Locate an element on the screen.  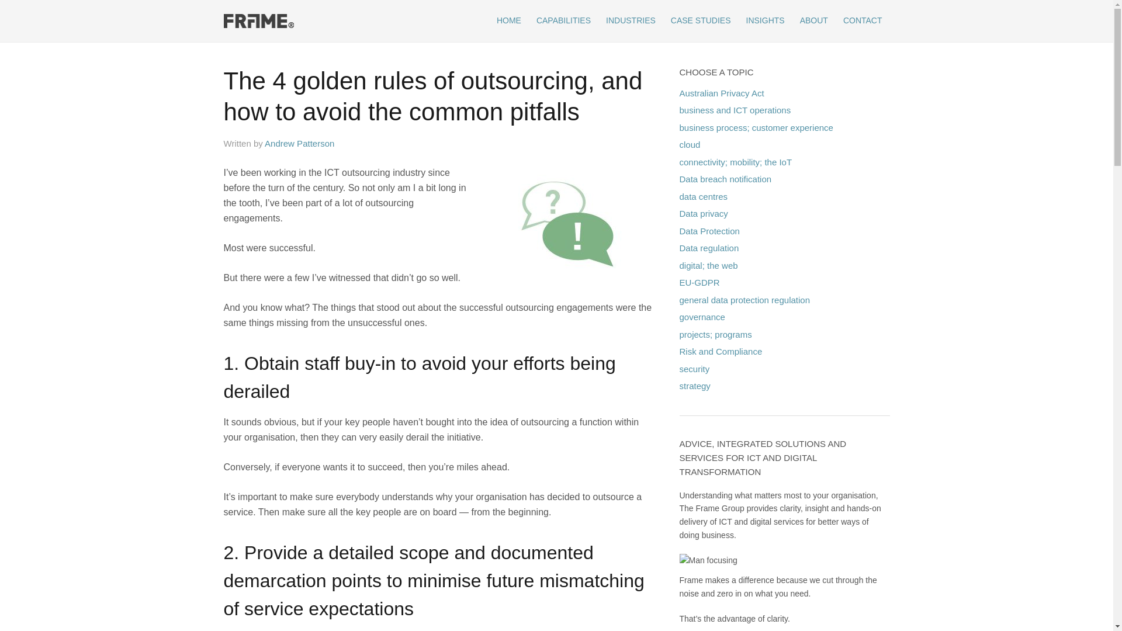
'CAPABILITIES' is located at coordinates (563, 20).